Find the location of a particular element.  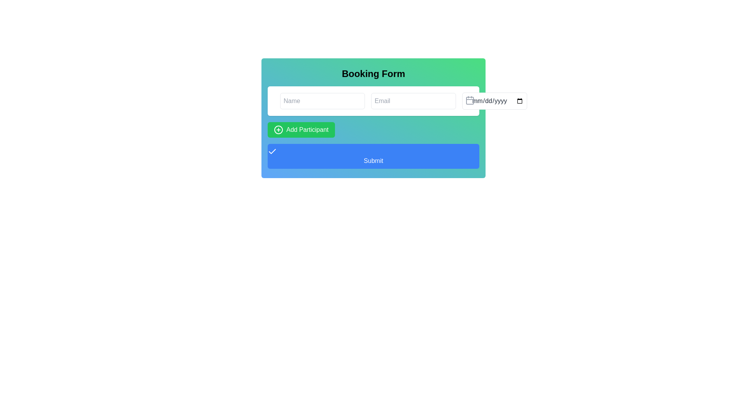

the small rectangle with rounded corners inside the calendar icon, which is part of the date-picking functionality in the booking form interface is located at coordinates (470, 100).